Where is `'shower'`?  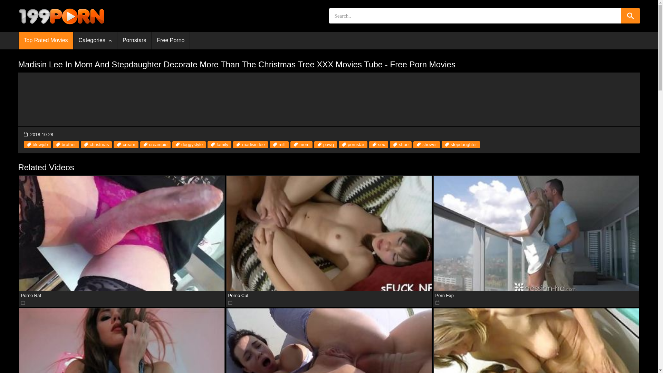 'shower' is located at coordinates (426, 144).